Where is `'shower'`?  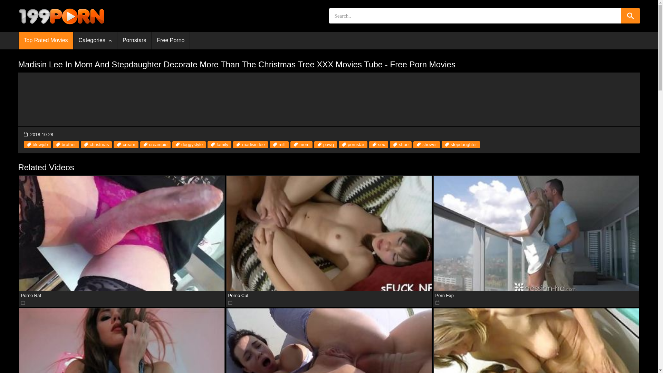 'shower' is located at coordinates (426, 144).